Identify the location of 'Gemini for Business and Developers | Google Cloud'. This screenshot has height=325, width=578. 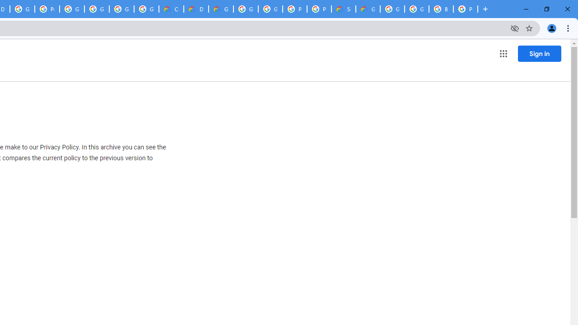
(221, 9).